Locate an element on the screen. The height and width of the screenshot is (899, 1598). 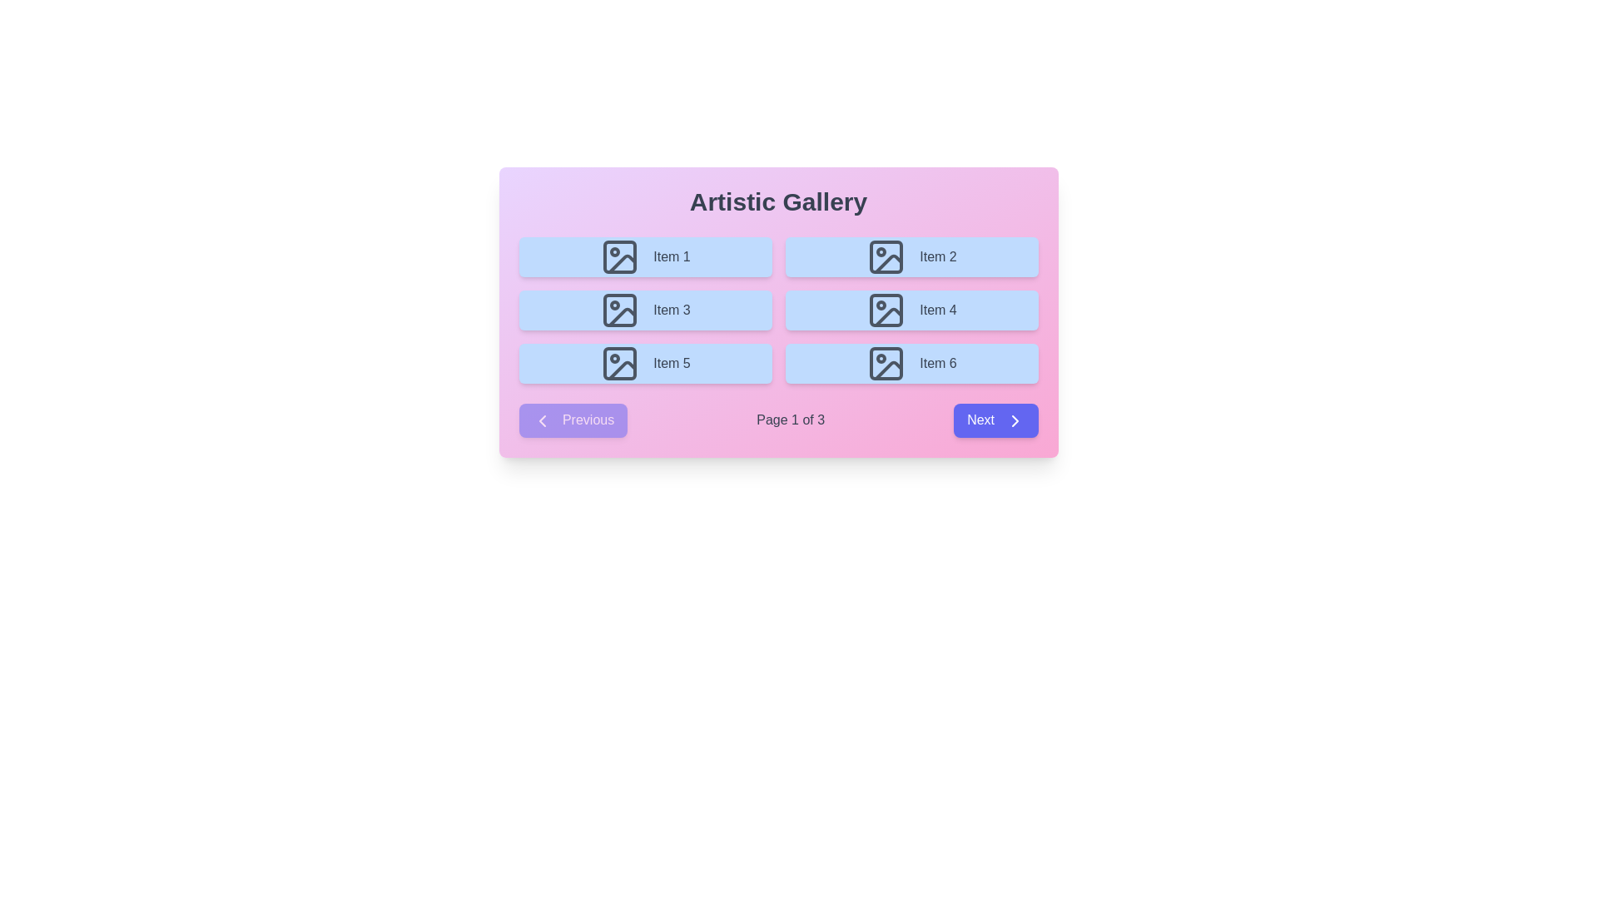
the Card component with a light blue background, rounded corners, containing the icon of an image and the text 'Item 4'. It is located in the second row and second column of a grid layout, below 'Item 2' and next to 'Item 3' is located at coordinates (911, 310).